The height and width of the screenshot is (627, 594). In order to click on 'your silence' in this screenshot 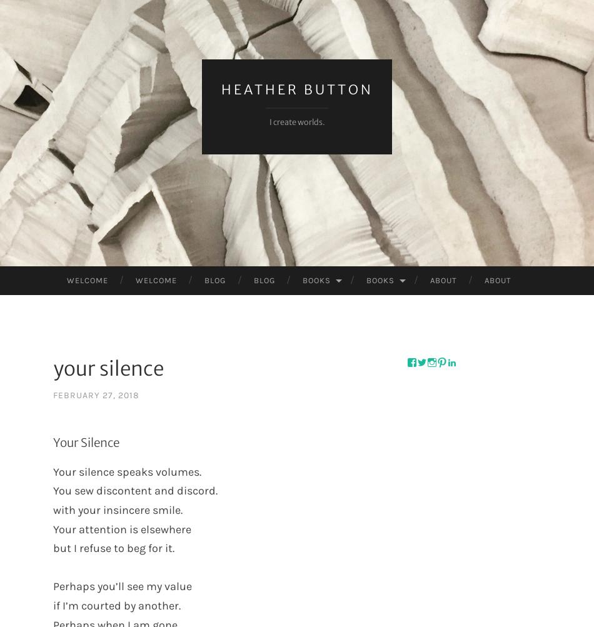, I will do `click(108, 367)`.